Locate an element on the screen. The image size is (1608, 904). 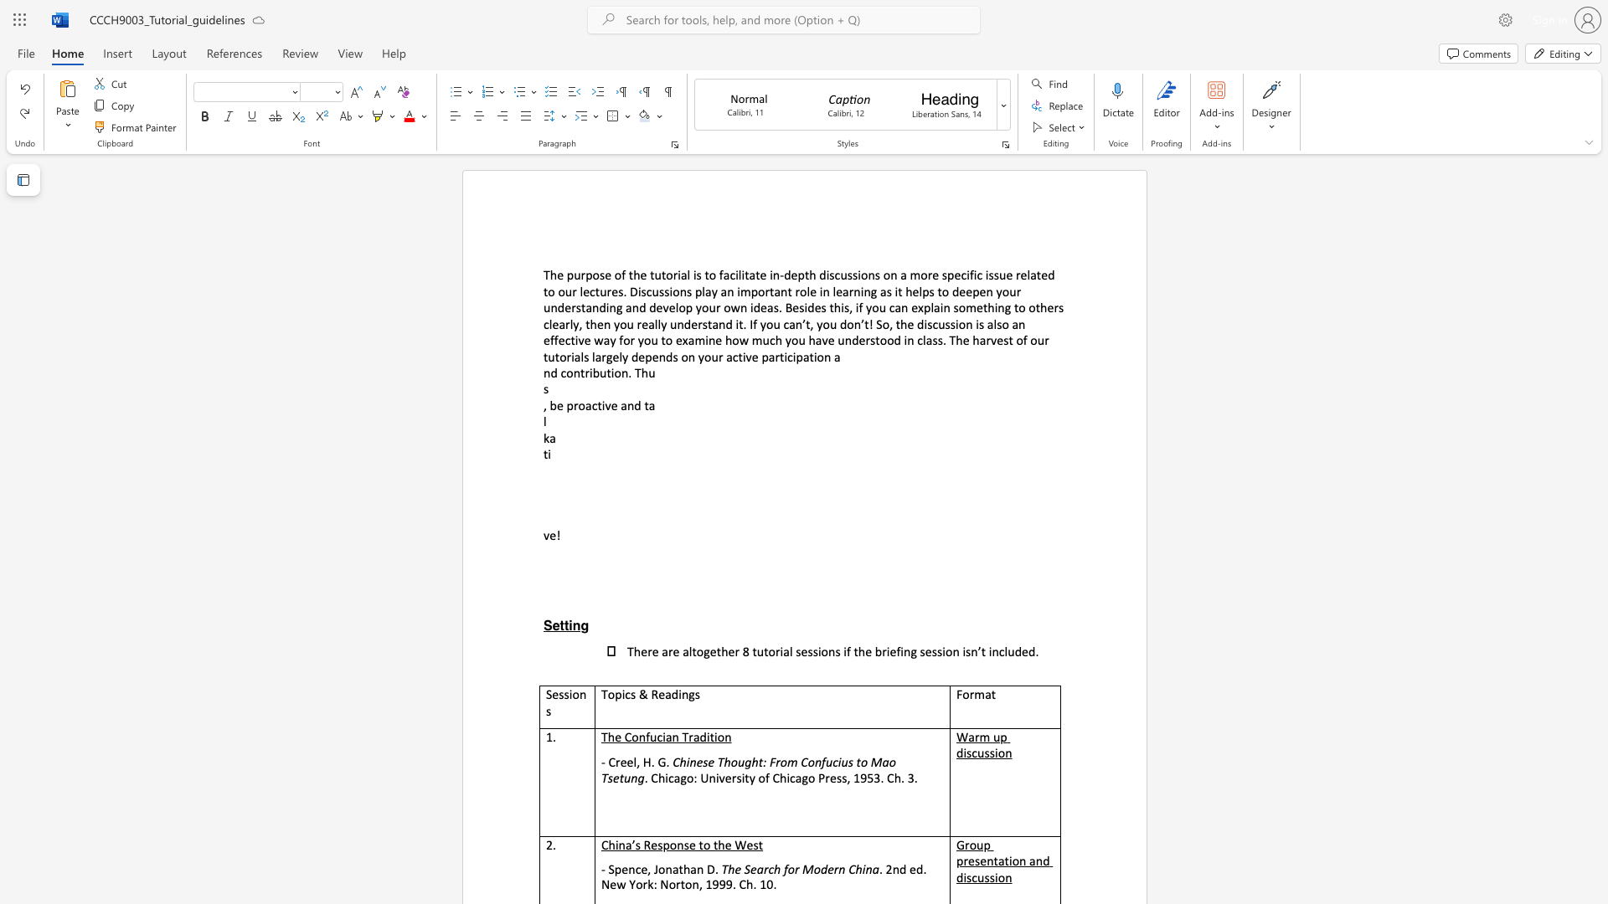
the subset text "Chinese Thought: From Confucius to Ma" within the text "Chinese Thought: From Confucius to Mao Tsetung" is located at coordinates (673, 762).